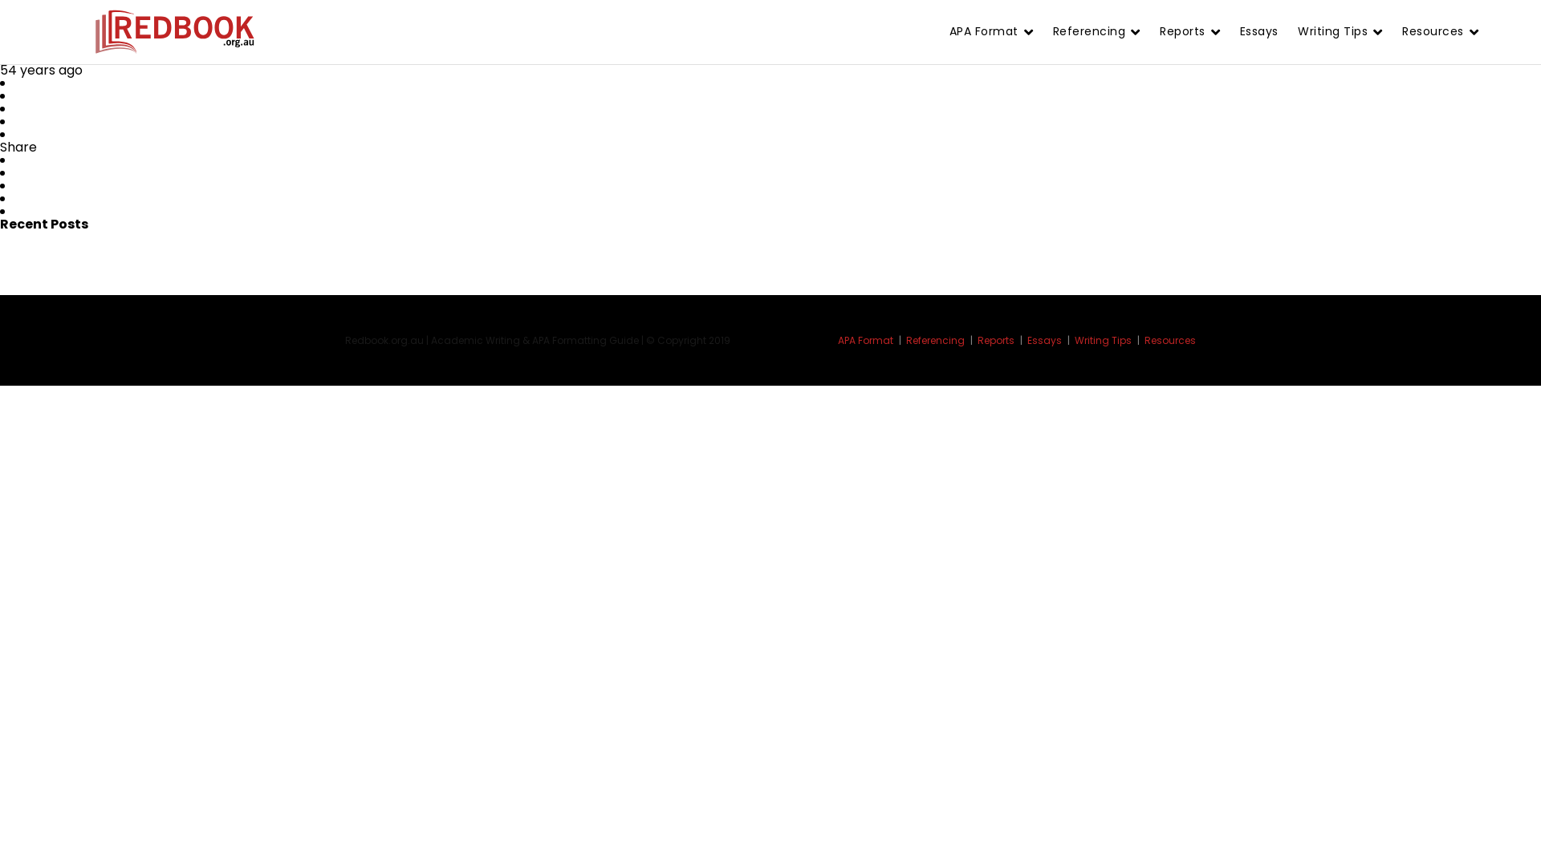 This screenshot has height=866, width=1541. Describe the element at coordinates (977, 339) in the screenshot. I see `'Reports'` at that location.